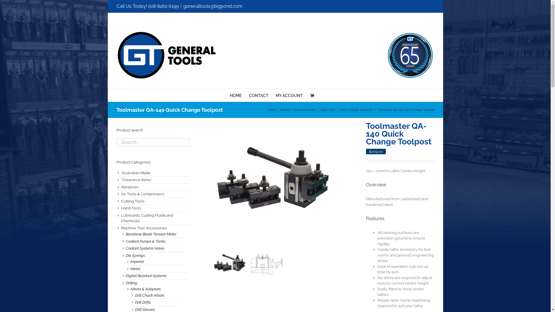 Image resolution: width=555 pixels, height=312 pixels. What do you see at coordinates (136, 179) in the screenshot?
I see `'*Clearance Items*'` at bounding box center [136, 179].